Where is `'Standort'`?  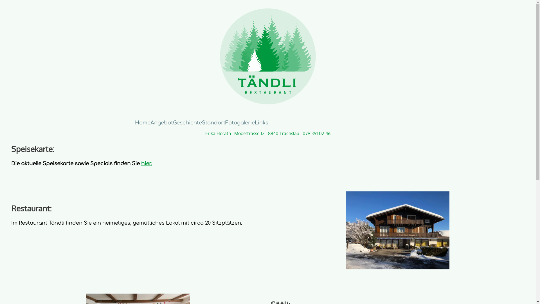
'Standort' is located at coordinates (213, 122).